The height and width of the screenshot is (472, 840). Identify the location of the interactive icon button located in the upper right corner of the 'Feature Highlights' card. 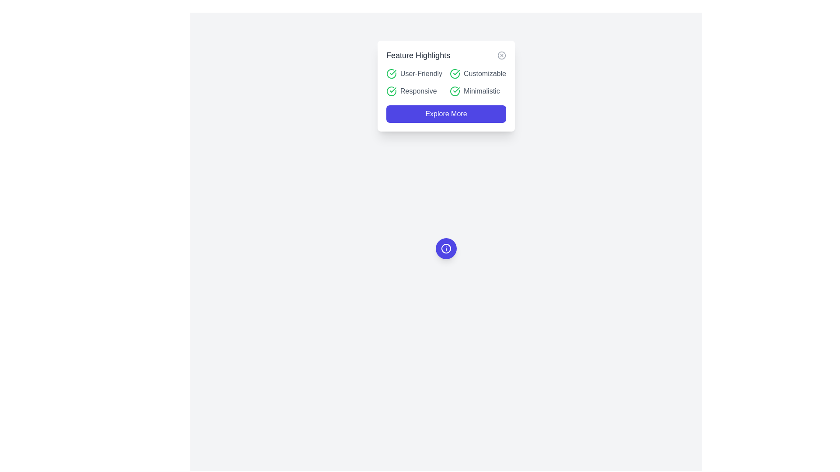
(502, 56).